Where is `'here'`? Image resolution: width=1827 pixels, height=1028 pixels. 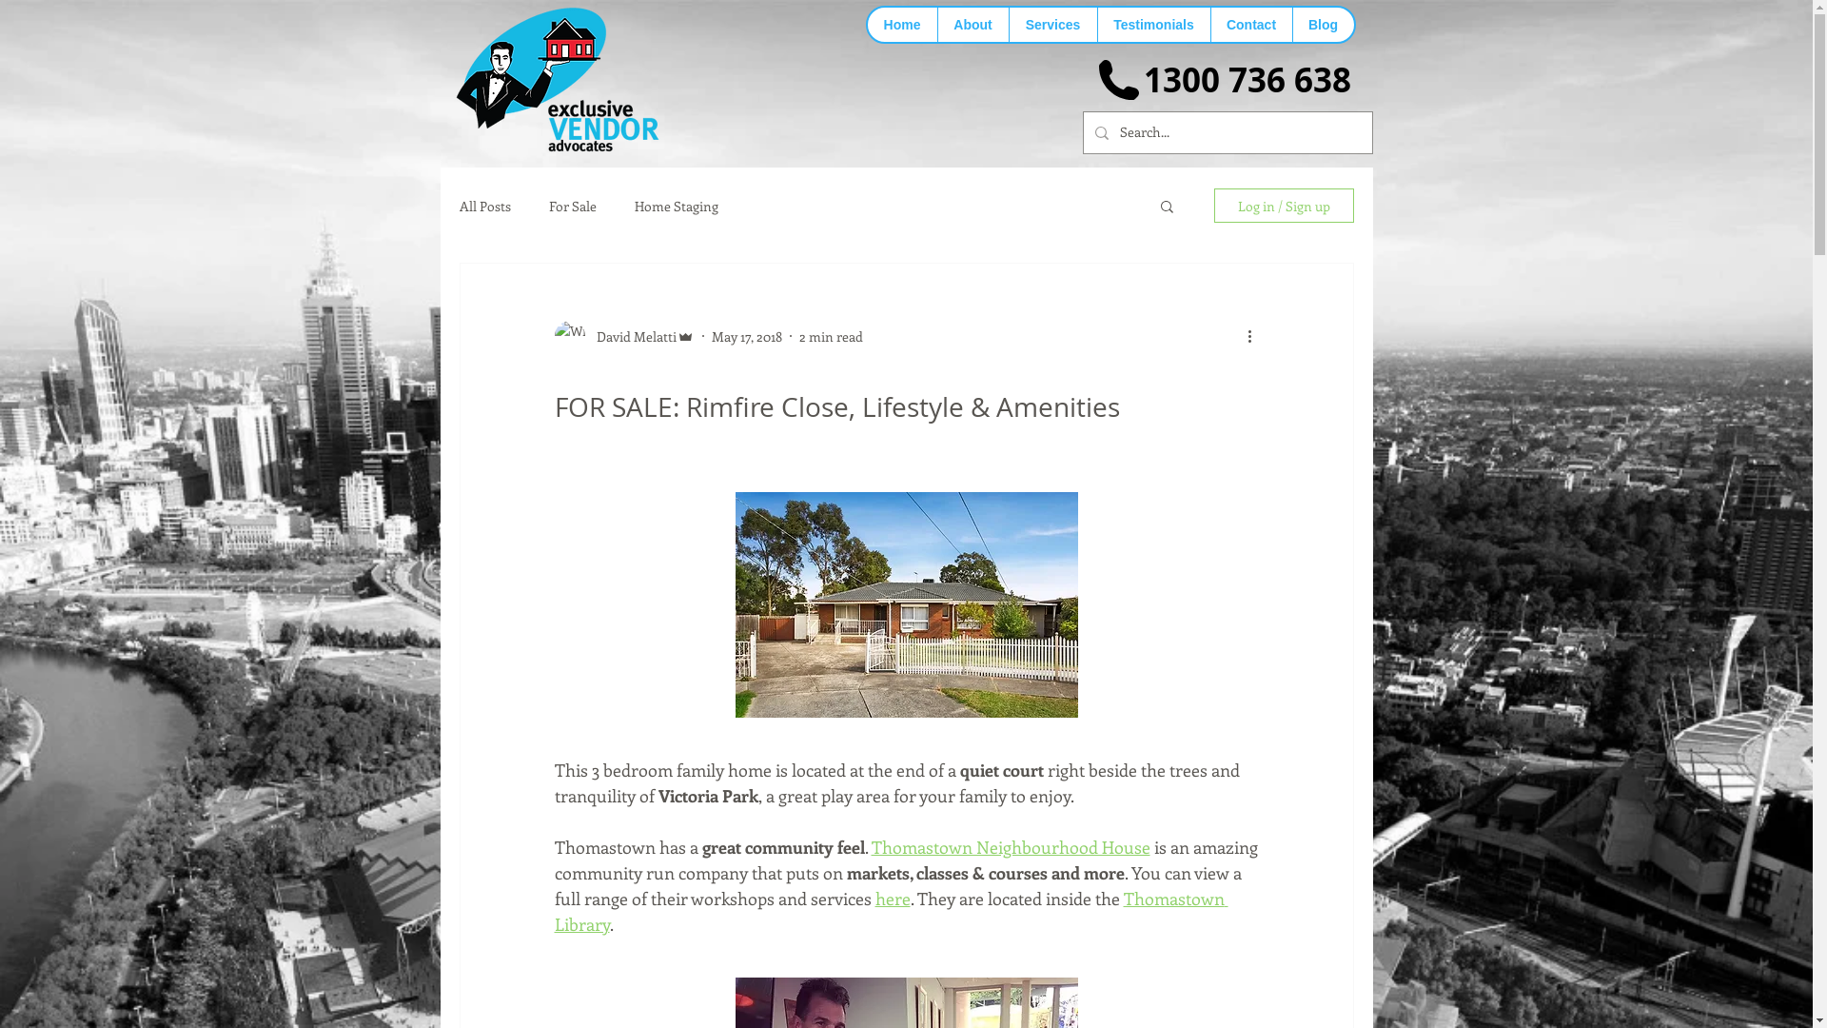
'here' is located at coordinates (892, 899).